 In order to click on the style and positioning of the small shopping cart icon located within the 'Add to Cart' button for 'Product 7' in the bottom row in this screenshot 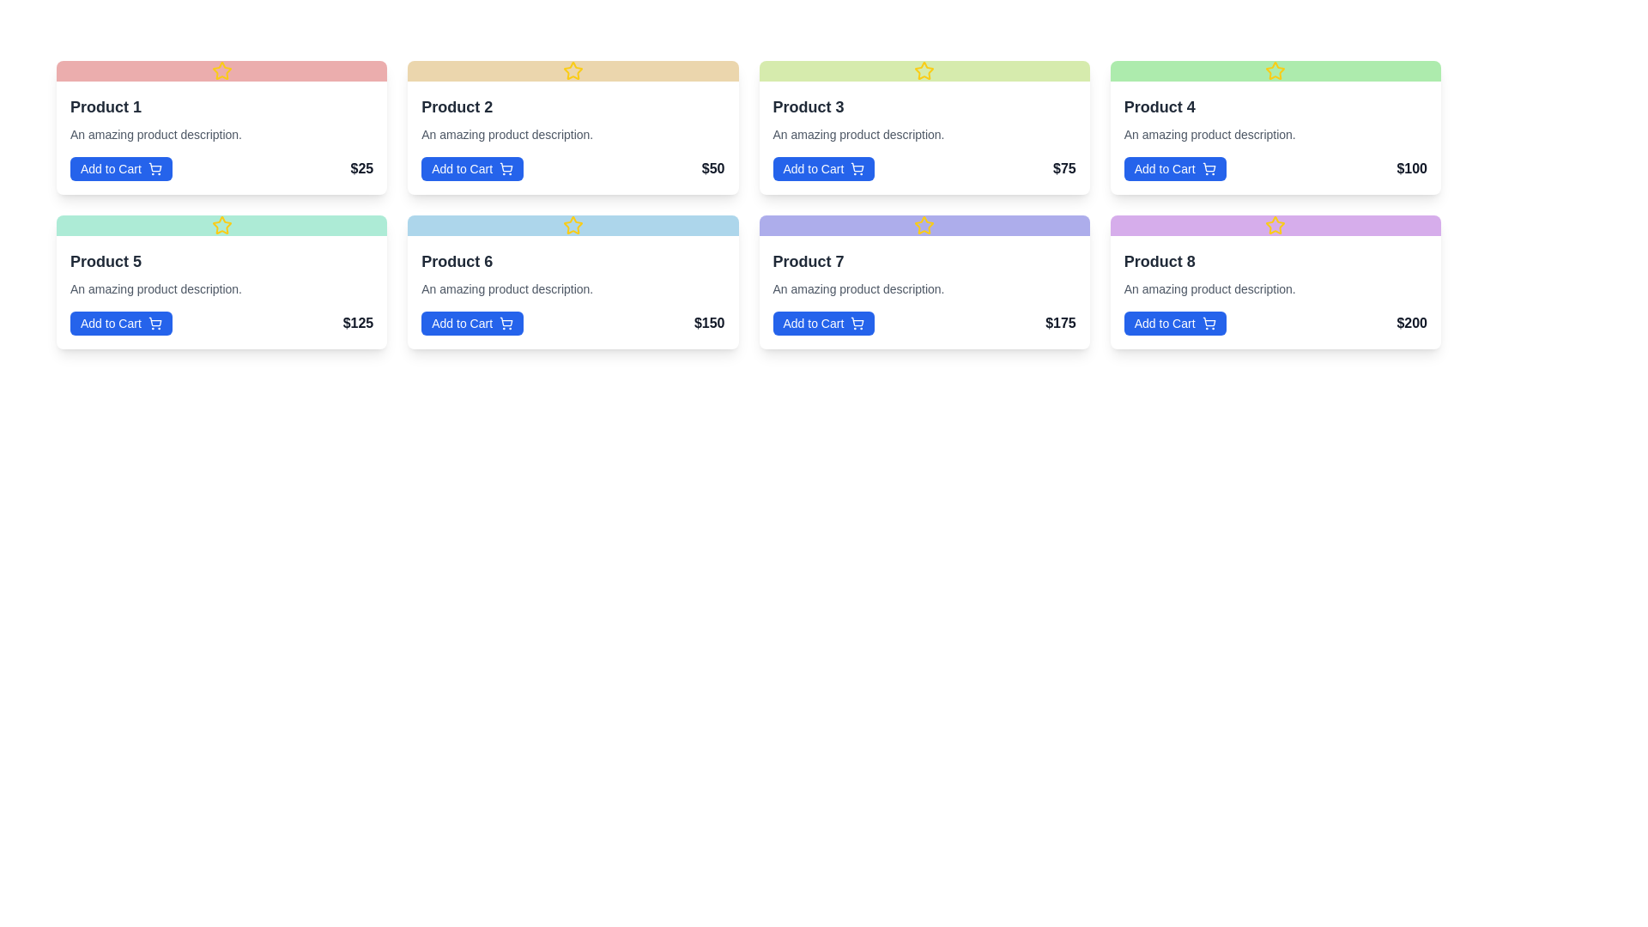, I will do `click(857, 324)`.